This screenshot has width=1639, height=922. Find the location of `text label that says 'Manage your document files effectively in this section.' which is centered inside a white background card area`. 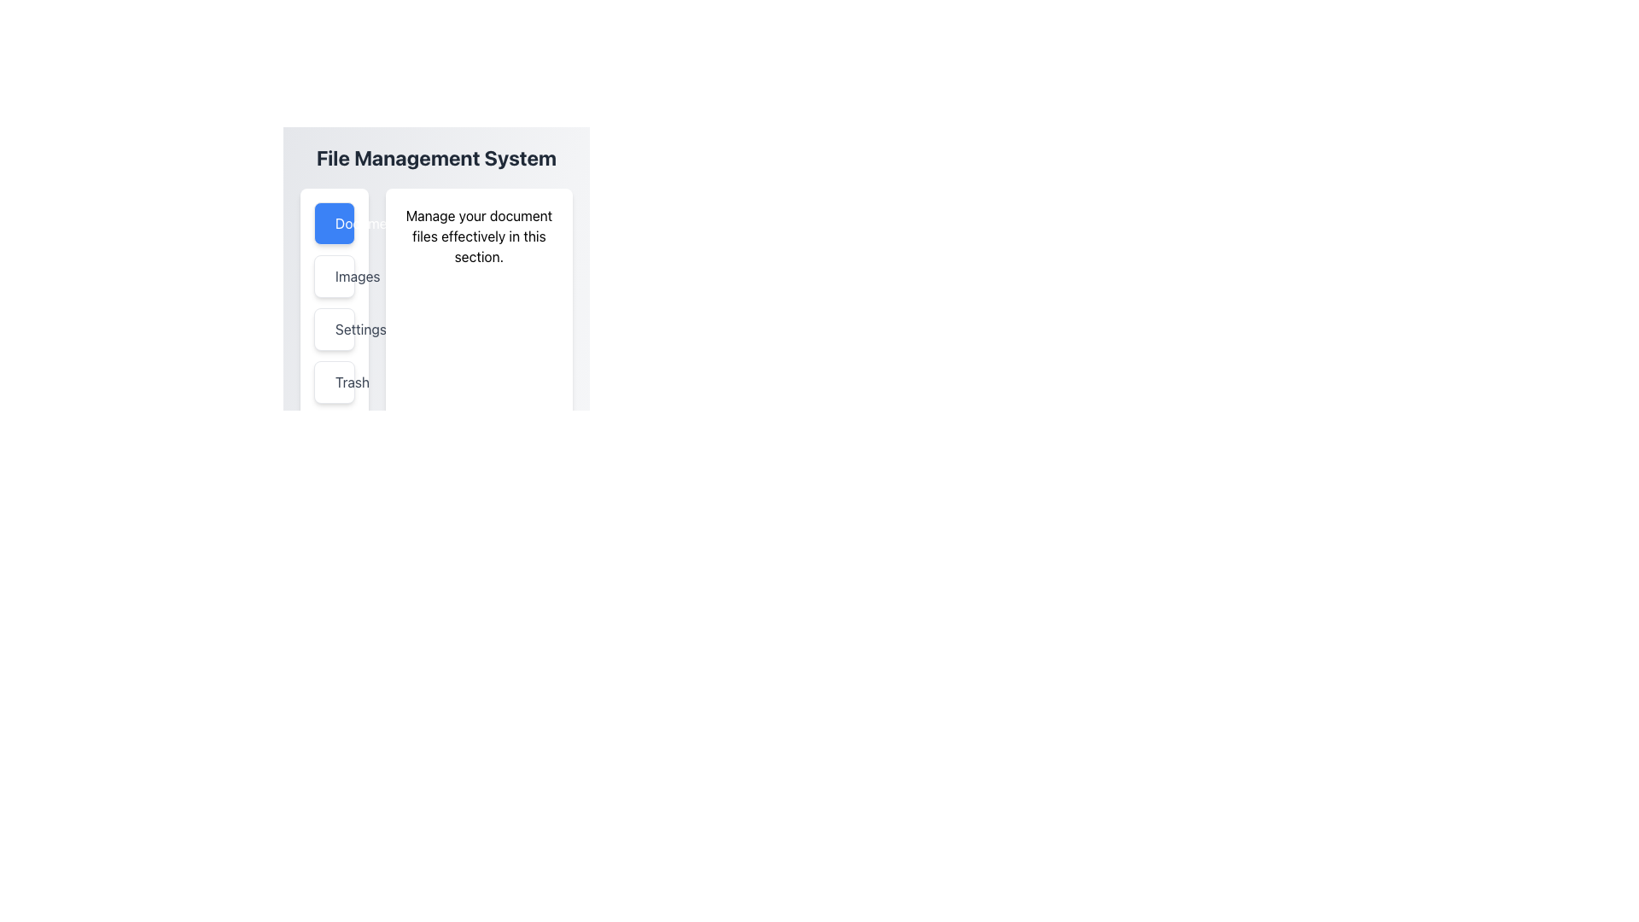

text label that says 'Manage your document files effectively in this section.' which is centered inside a white background card area is located at coordinates (478, 236).